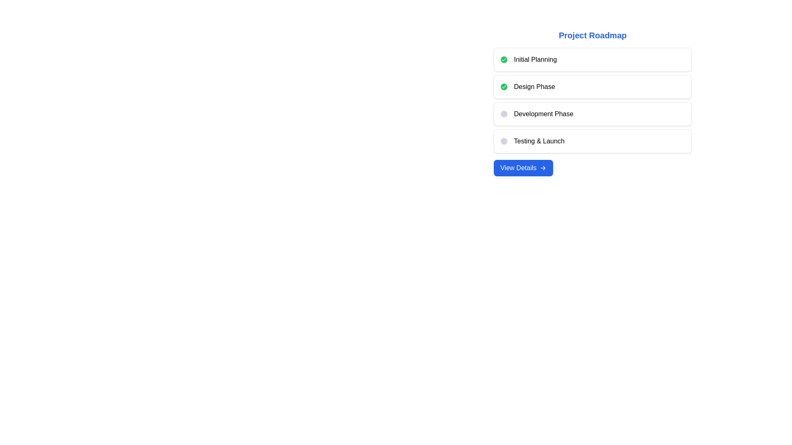  Describe the element at coordinates (544, 114) in the screenshot. I see `text label indicating the 'Development Phase' step, located in the third item of the vertically arranged sidebar list, positioned to the right of the light gray circular status icon` at that location.